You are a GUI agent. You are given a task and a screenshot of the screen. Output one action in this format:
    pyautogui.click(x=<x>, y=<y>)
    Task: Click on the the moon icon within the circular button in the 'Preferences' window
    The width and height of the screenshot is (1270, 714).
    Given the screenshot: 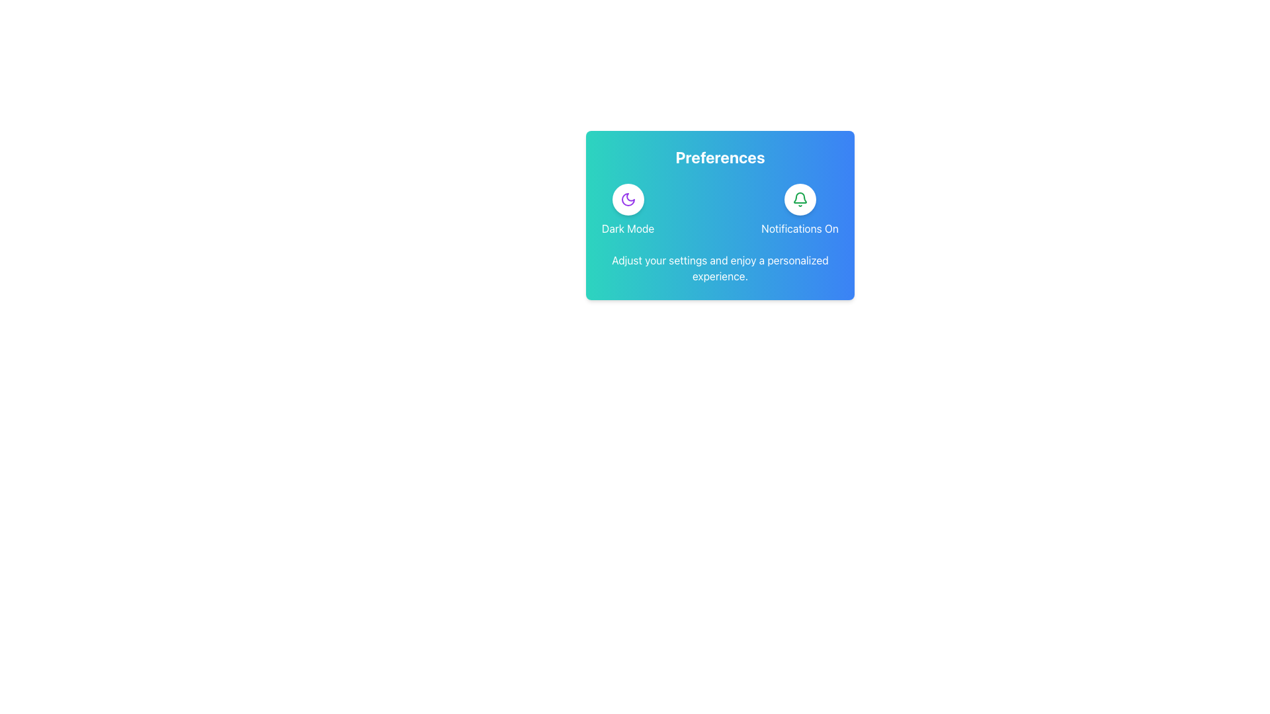 What is the action you would take?
    pyautogui.click(x=627, y=199)
    